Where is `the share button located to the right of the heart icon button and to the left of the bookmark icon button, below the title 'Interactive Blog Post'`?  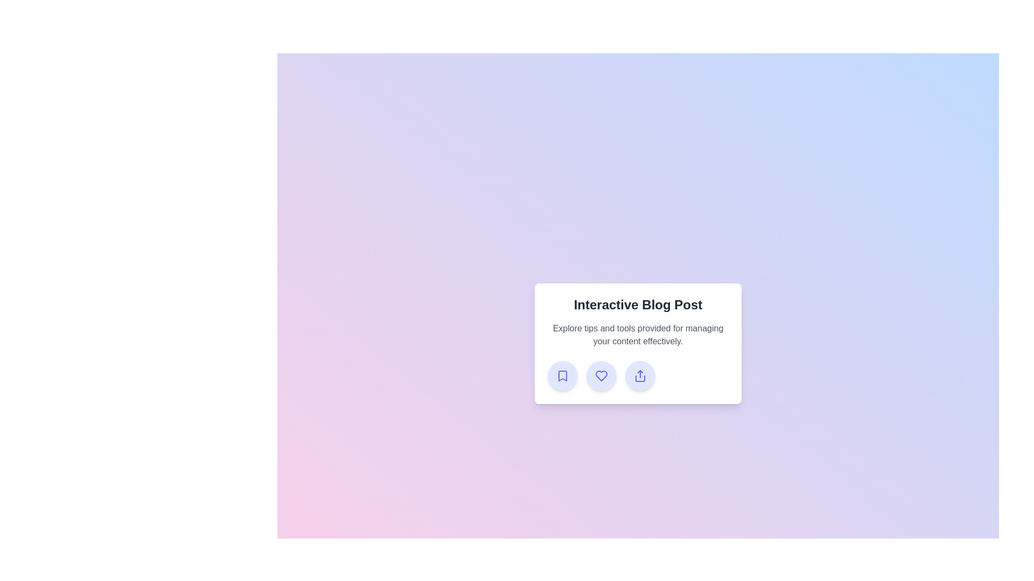 the share button located to the right of the heart icon button and to the left of the bookmark icon button, below the title 'Interactive Blog Post' is located at coordinates (640, 375).